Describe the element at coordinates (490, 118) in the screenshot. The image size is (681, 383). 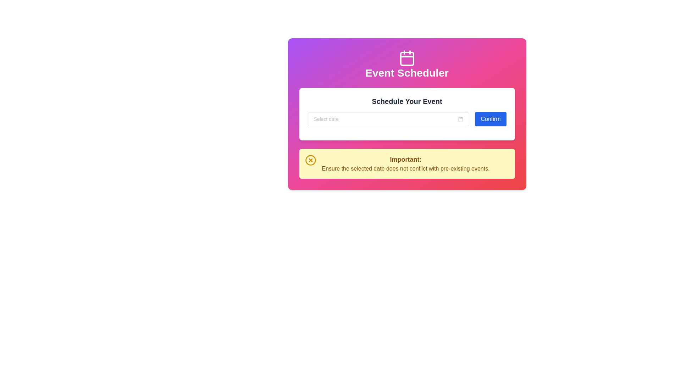
I see `the blue rectangular 'Confirm' button with white text to confirm the action` at that location.